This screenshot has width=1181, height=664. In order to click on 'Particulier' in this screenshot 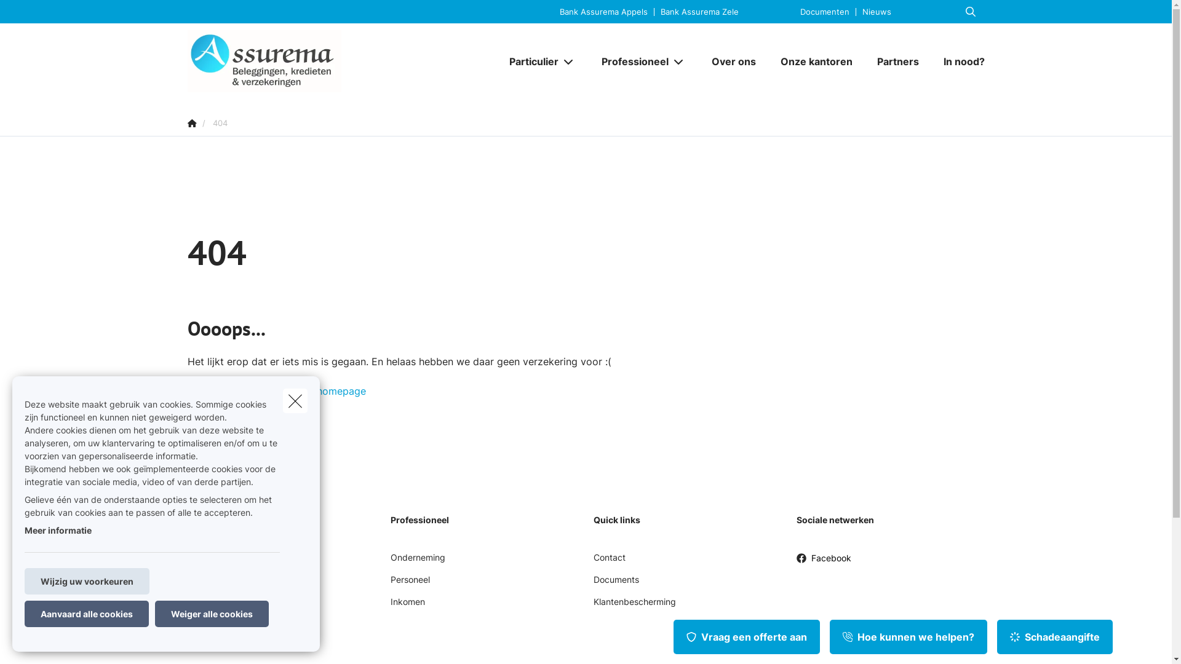, I will do `click(529, 61)`.